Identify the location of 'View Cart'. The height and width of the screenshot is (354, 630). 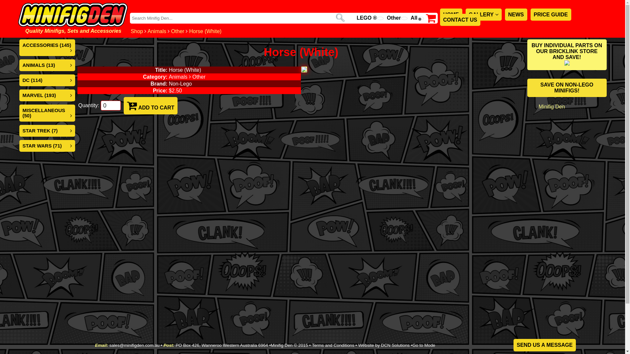
(431, 20).